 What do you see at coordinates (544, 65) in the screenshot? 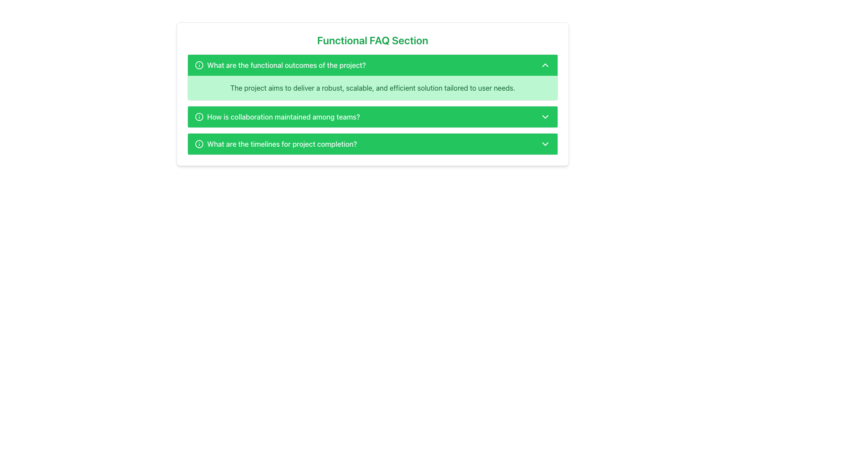
I see `the chevron icon that toggles the expansion of the FAQ section titled 'What are the functional outcomes of the project?' for visual feedback` at bounding box center [544, 65].